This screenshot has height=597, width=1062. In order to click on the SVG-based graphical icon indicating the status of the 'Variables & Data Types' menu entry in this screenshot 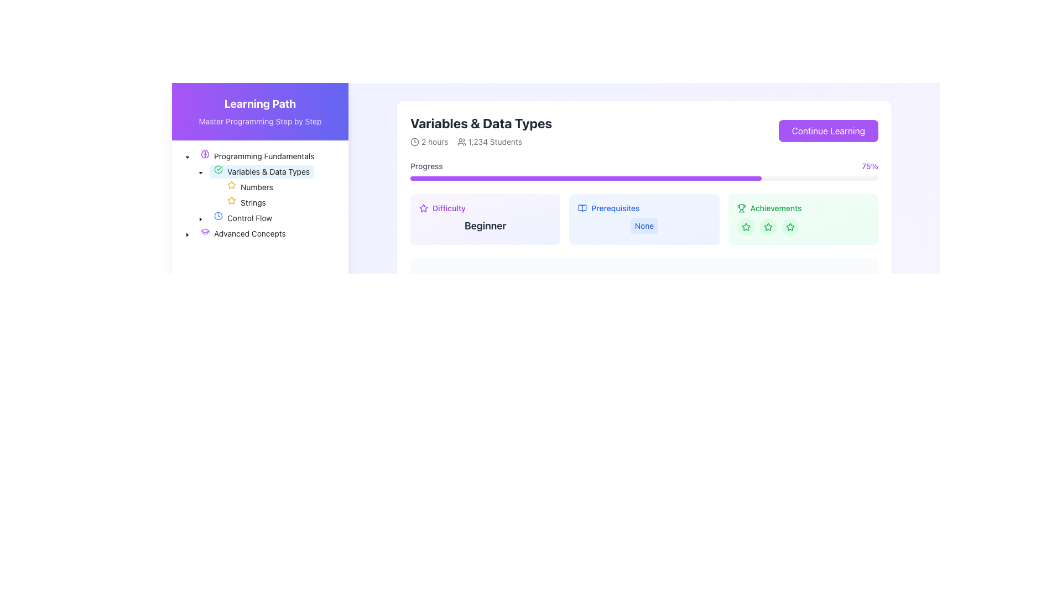, I will do `click(218, 170)`.